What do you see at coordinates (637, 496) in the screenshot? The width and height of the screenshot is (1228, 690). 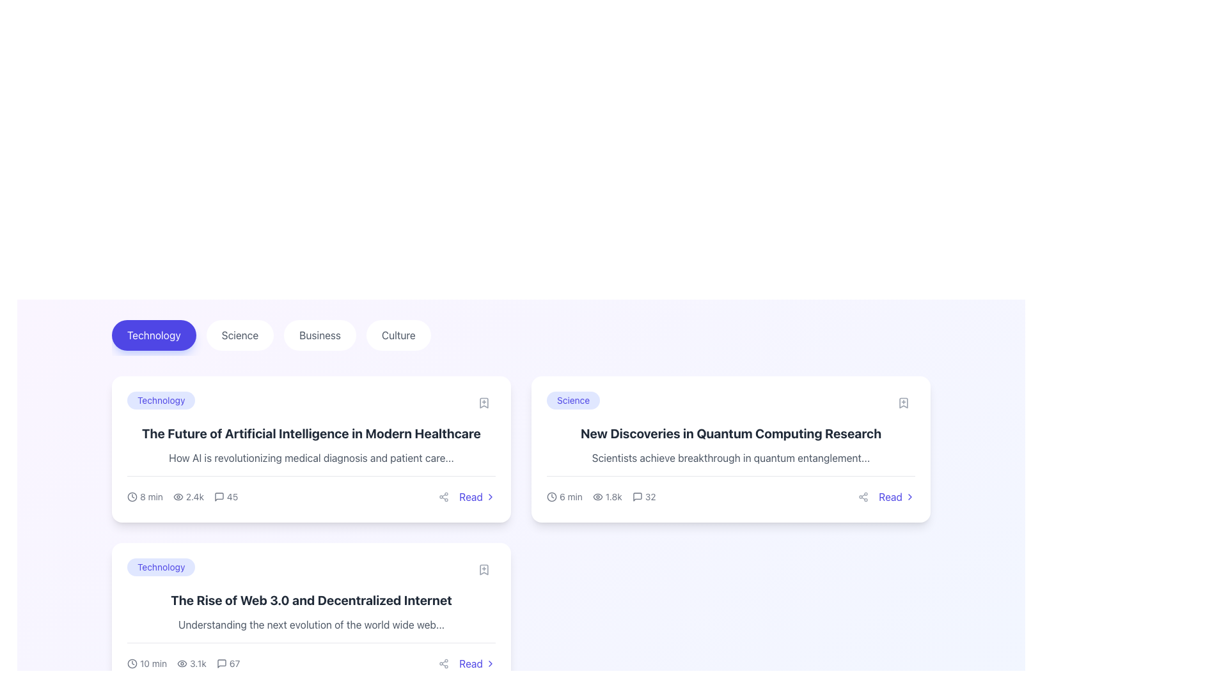 I see `the small square interactive icon representing comments, located at the bottom right corner of the 'New Discoveries in Quantum Computing Research' card` at bounding box center [637, 496].